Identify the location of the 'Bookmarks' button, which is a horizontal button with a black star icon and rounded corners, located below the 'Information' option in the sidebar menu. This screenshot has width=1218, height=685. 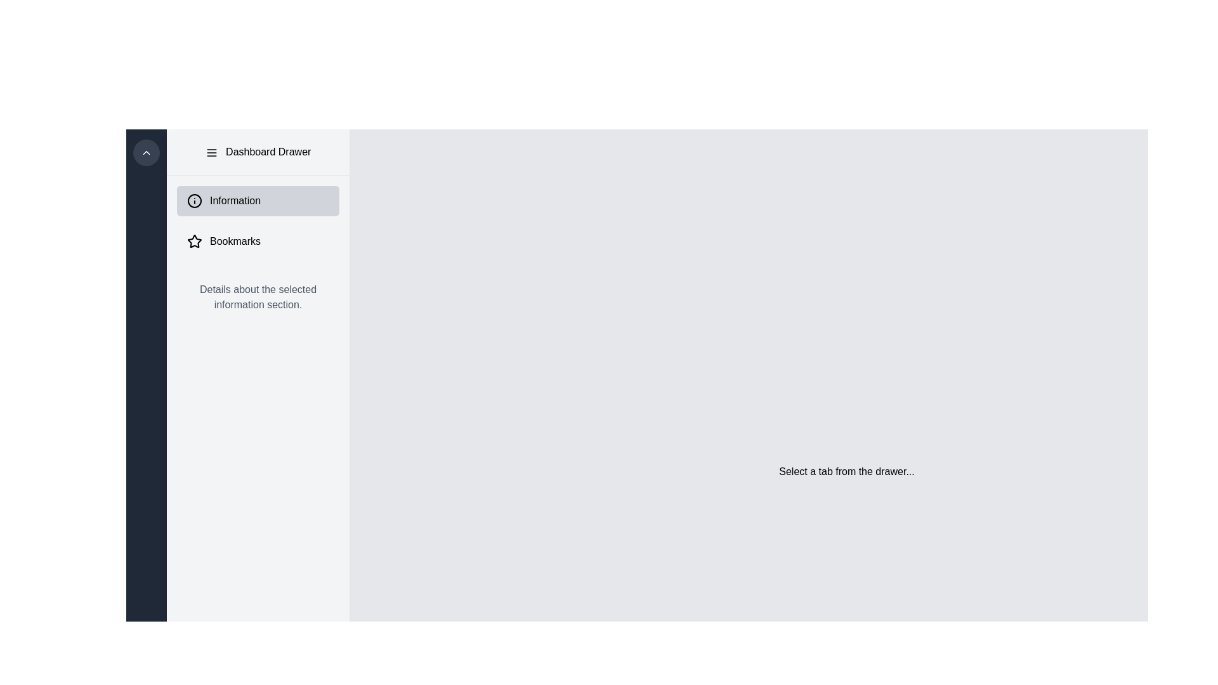
(258, 242).